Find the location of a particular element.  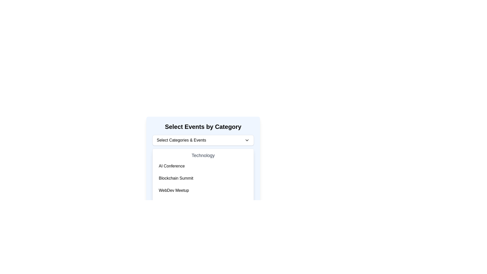

an event by clicking on the interactive list section labeled 'Select Events by Category', which includes a dropdown menu and various event entries is located at coordinates (203, 155).